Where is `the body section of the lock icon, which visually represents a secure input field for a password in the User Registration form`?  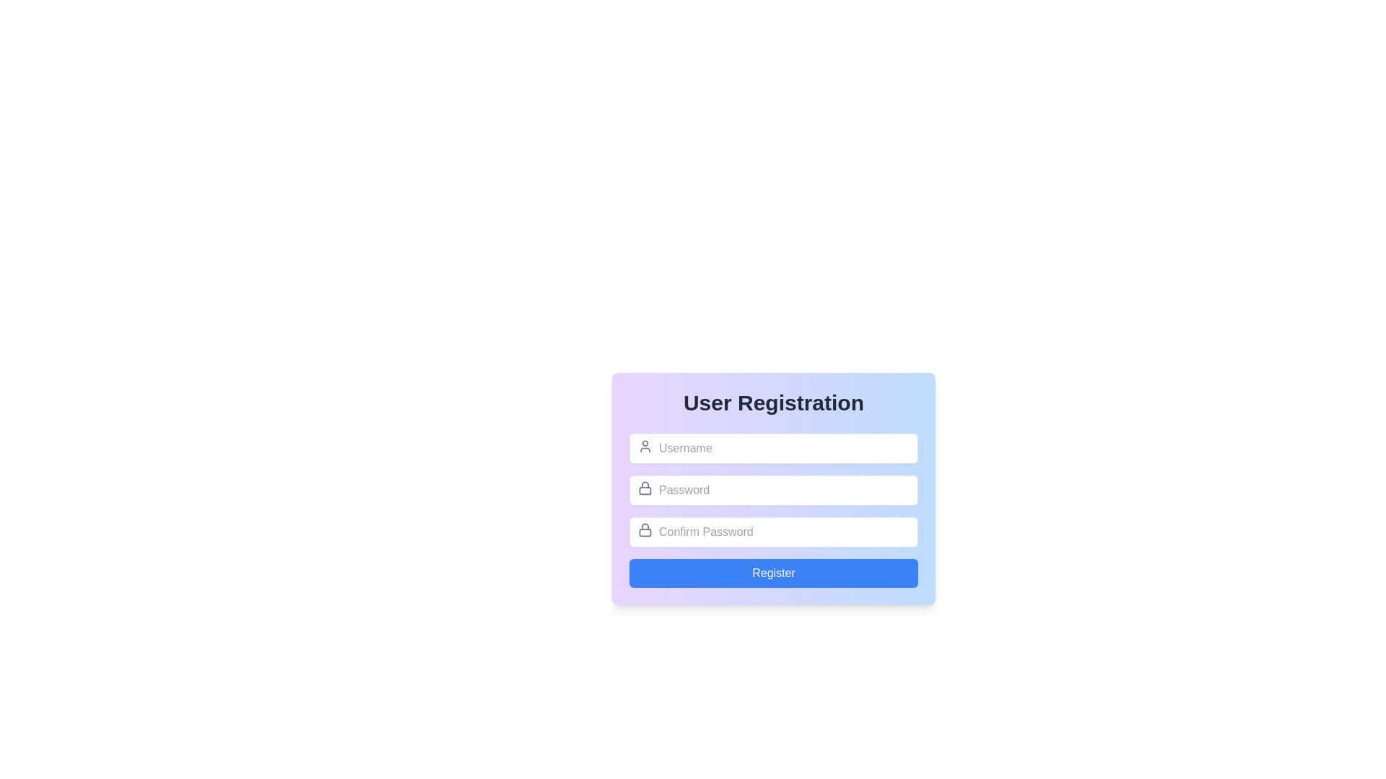
the body section of the lock icon, which visually represents a secure input field for a password in the User Registration form is located at coordinates (644, 489).